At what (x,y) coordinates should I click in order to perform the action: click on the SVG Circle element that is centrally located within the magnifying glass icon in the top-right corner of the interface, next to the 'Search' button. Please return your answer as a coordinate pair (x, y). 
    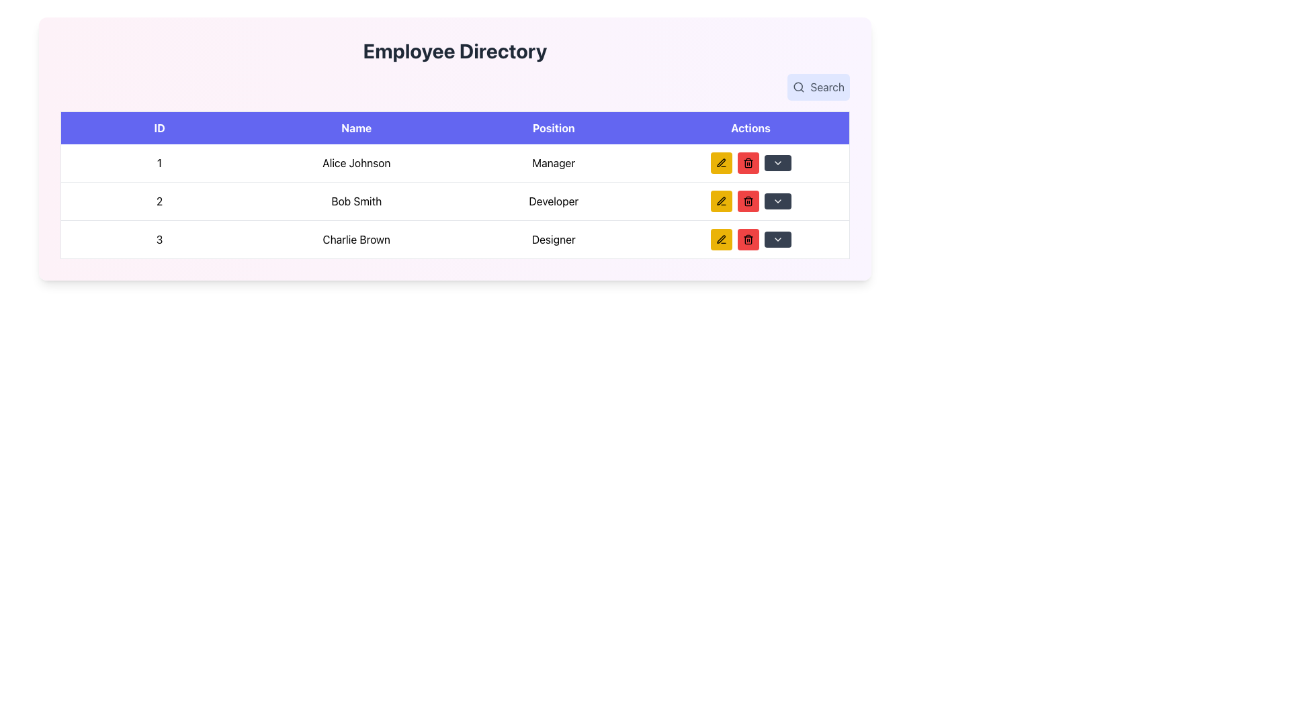
    Looking at the image, I should click on (798, 87).